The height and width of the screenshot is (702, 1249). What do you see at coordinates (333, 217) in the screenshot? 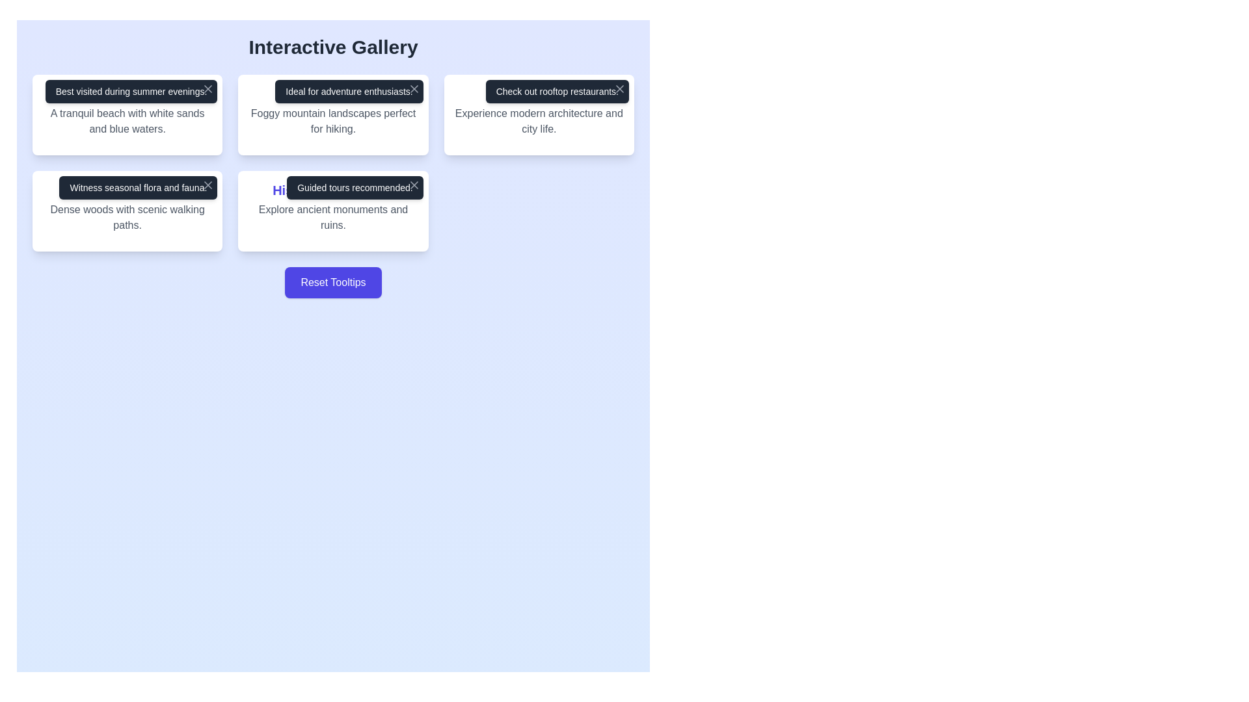
I see `the text component displaying 'Explore ancient monuments and ruins.' which is located below the title 'Historic Landmarks' and above 'Guided tours recommended.'` at bounding box center [333, 217].